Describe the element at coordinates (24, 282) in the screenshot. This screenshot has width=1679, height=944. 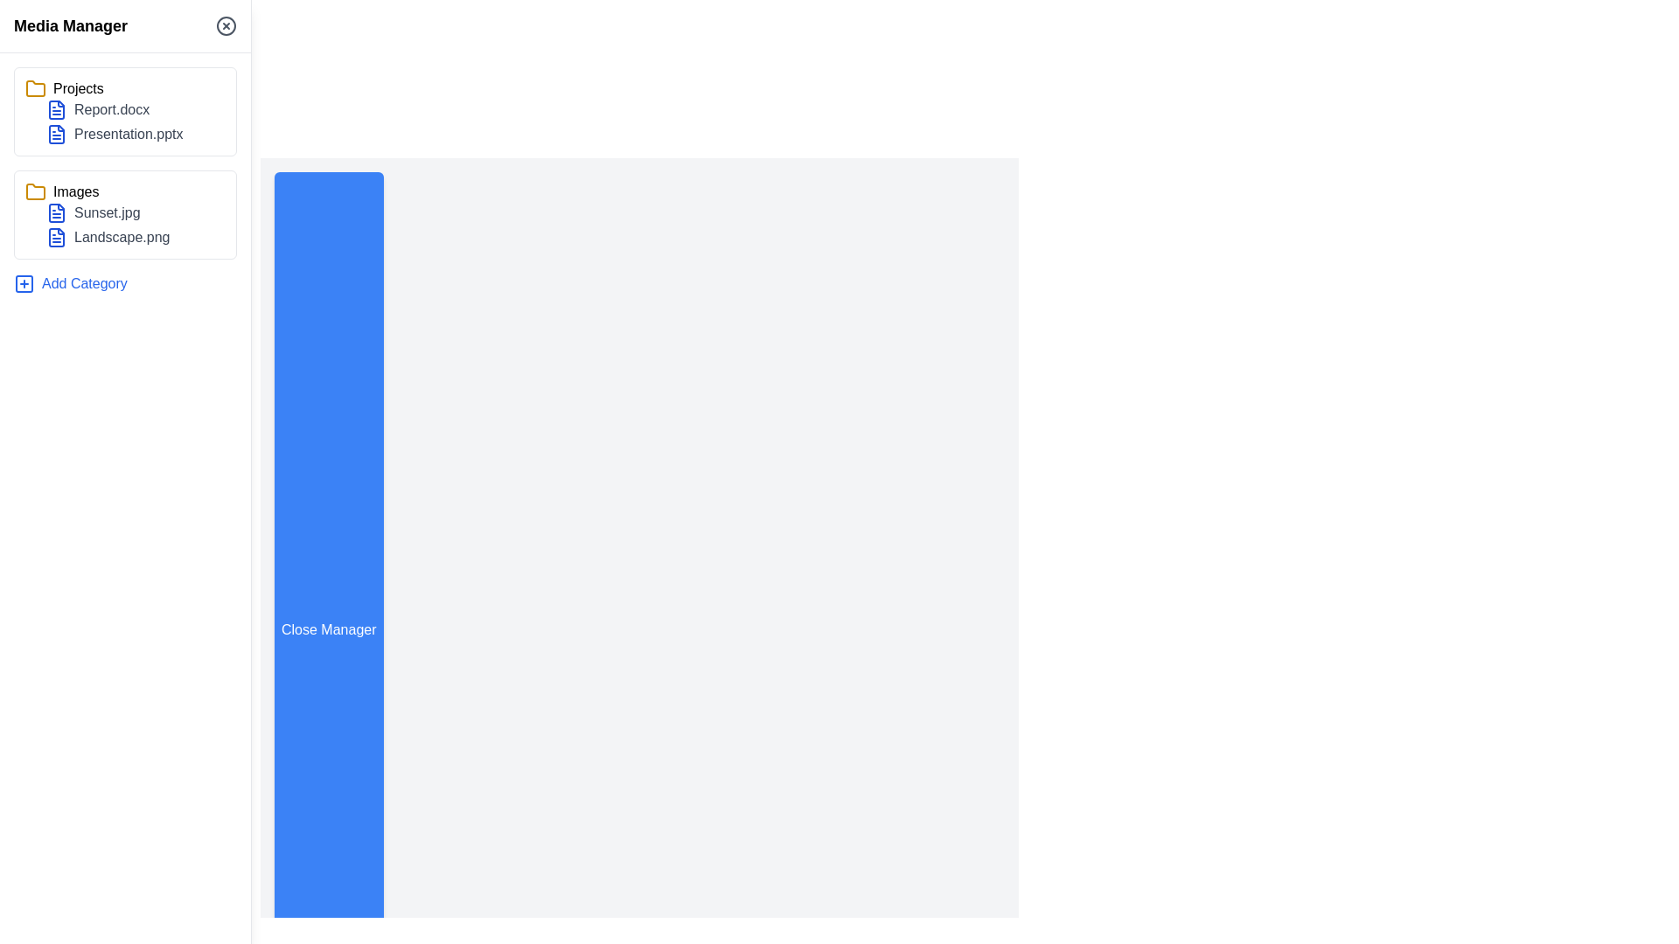
I see `the icon button located in the left panel next to the 'Add Category' text` at that location.